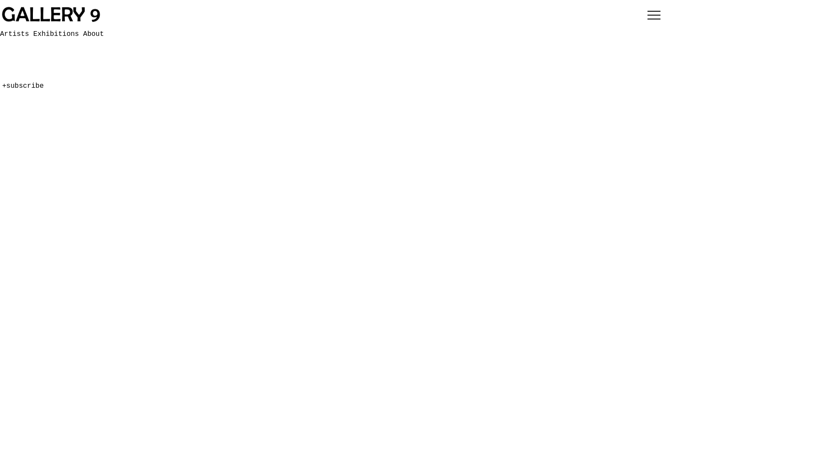 This screenshot has height=467, width=831. I want to click on '+subscribe', so click(23, 86).